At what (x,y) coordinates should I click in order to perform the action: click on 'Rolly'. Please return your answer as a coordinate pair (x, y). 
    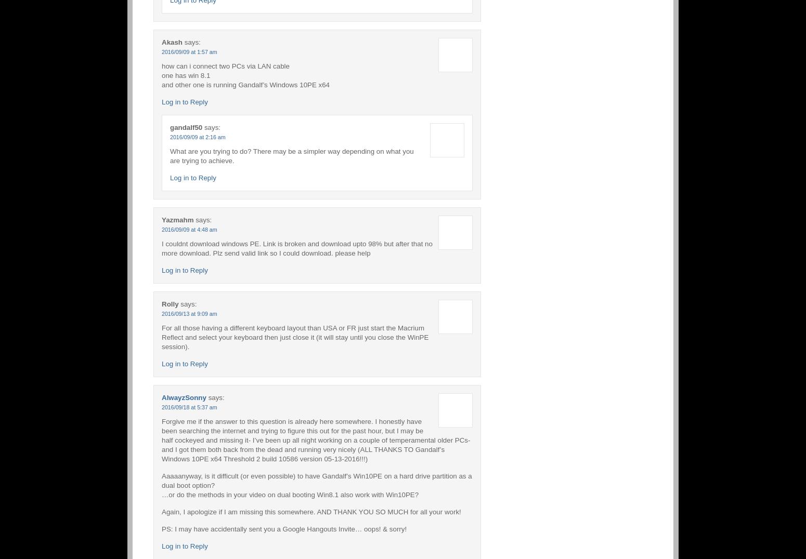
    Looking at the image, I should click on (161, 303).